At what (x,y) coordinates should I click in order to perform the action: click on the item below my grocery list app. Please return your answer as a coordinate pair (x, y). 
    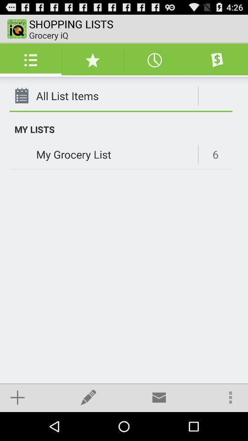
    Looking at the image, I should click on (17, 397).